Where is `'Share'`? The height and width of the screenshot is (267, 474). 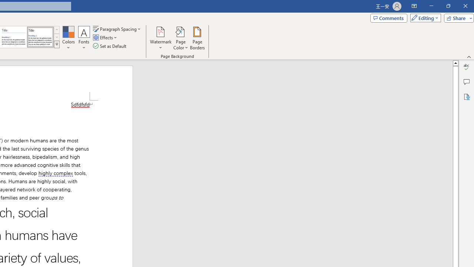 'Share' is located at coordinates (457, 17).